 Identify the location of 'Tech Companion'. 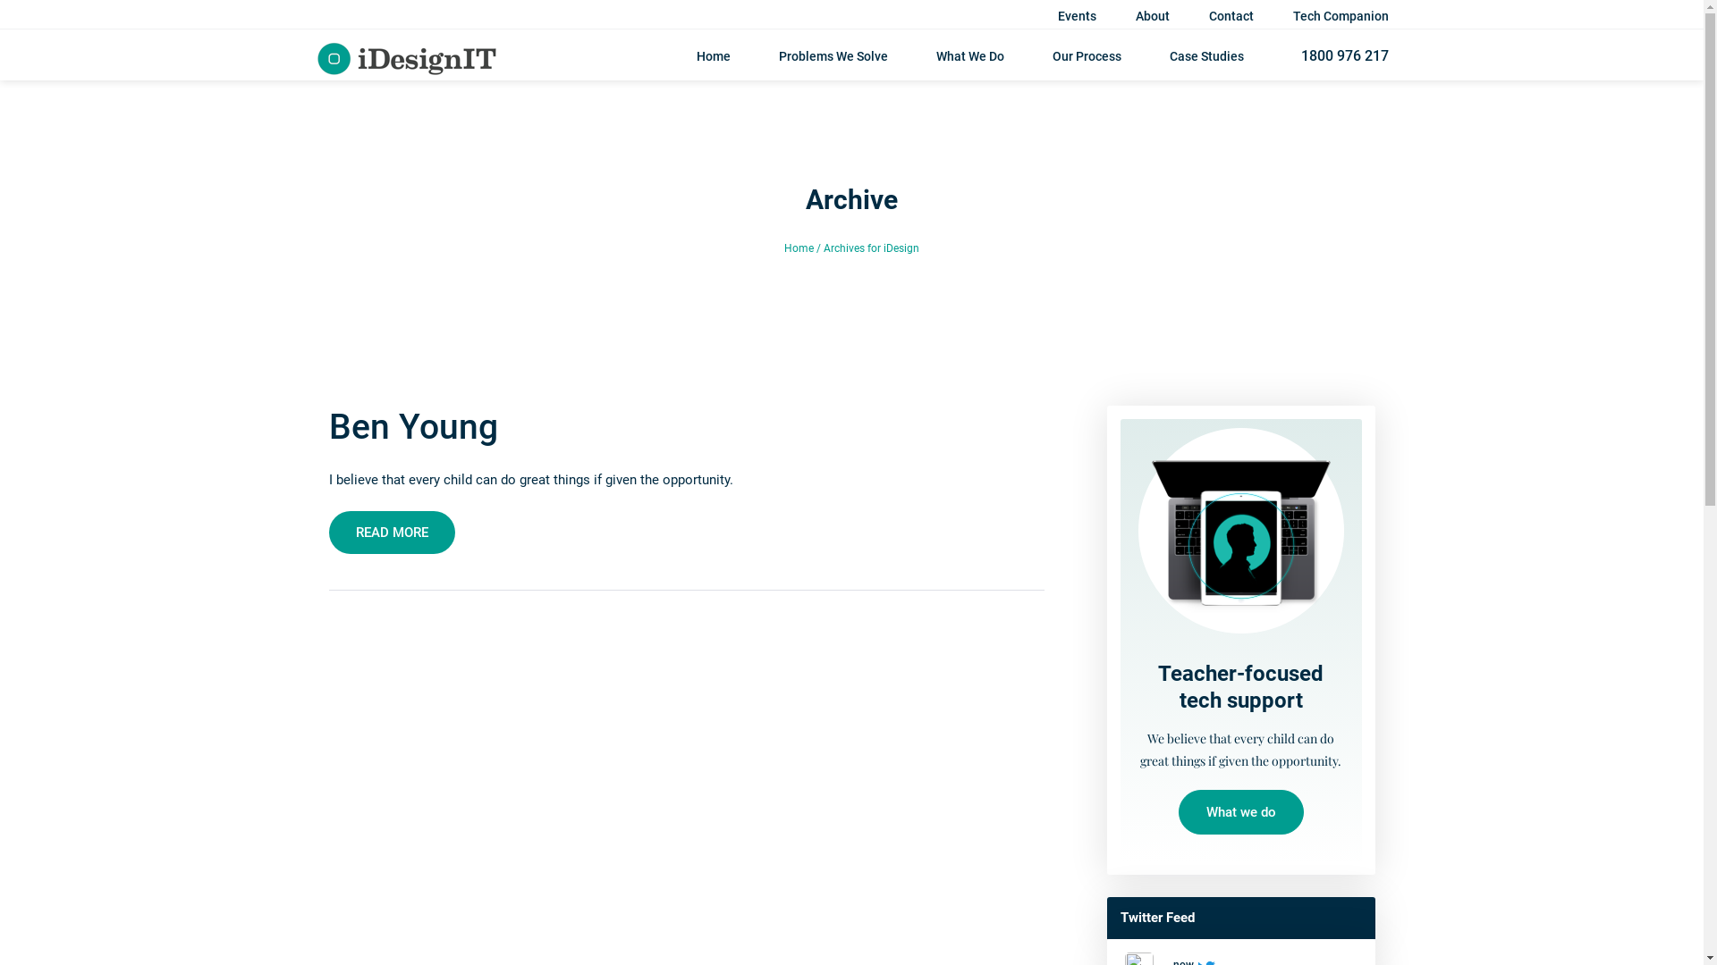
(1341, 16).